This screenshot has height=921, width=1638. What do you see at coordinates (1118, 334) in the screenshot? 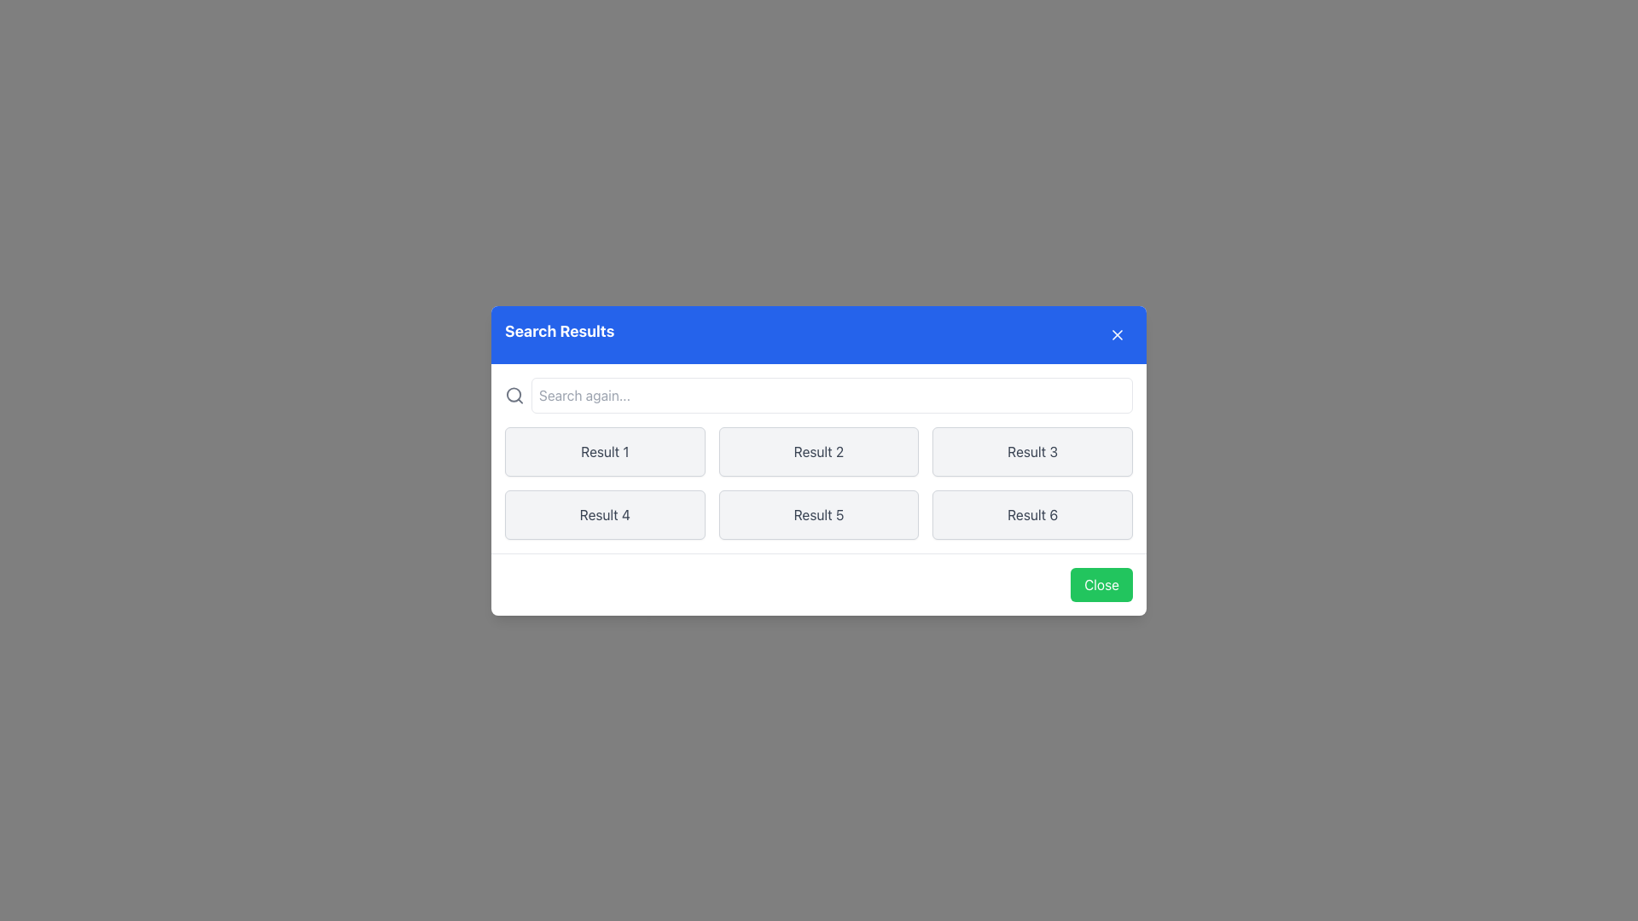
I see `the close or cancel button located in the top-right corner of the blue header bar` at bounding box center [1118, 334].